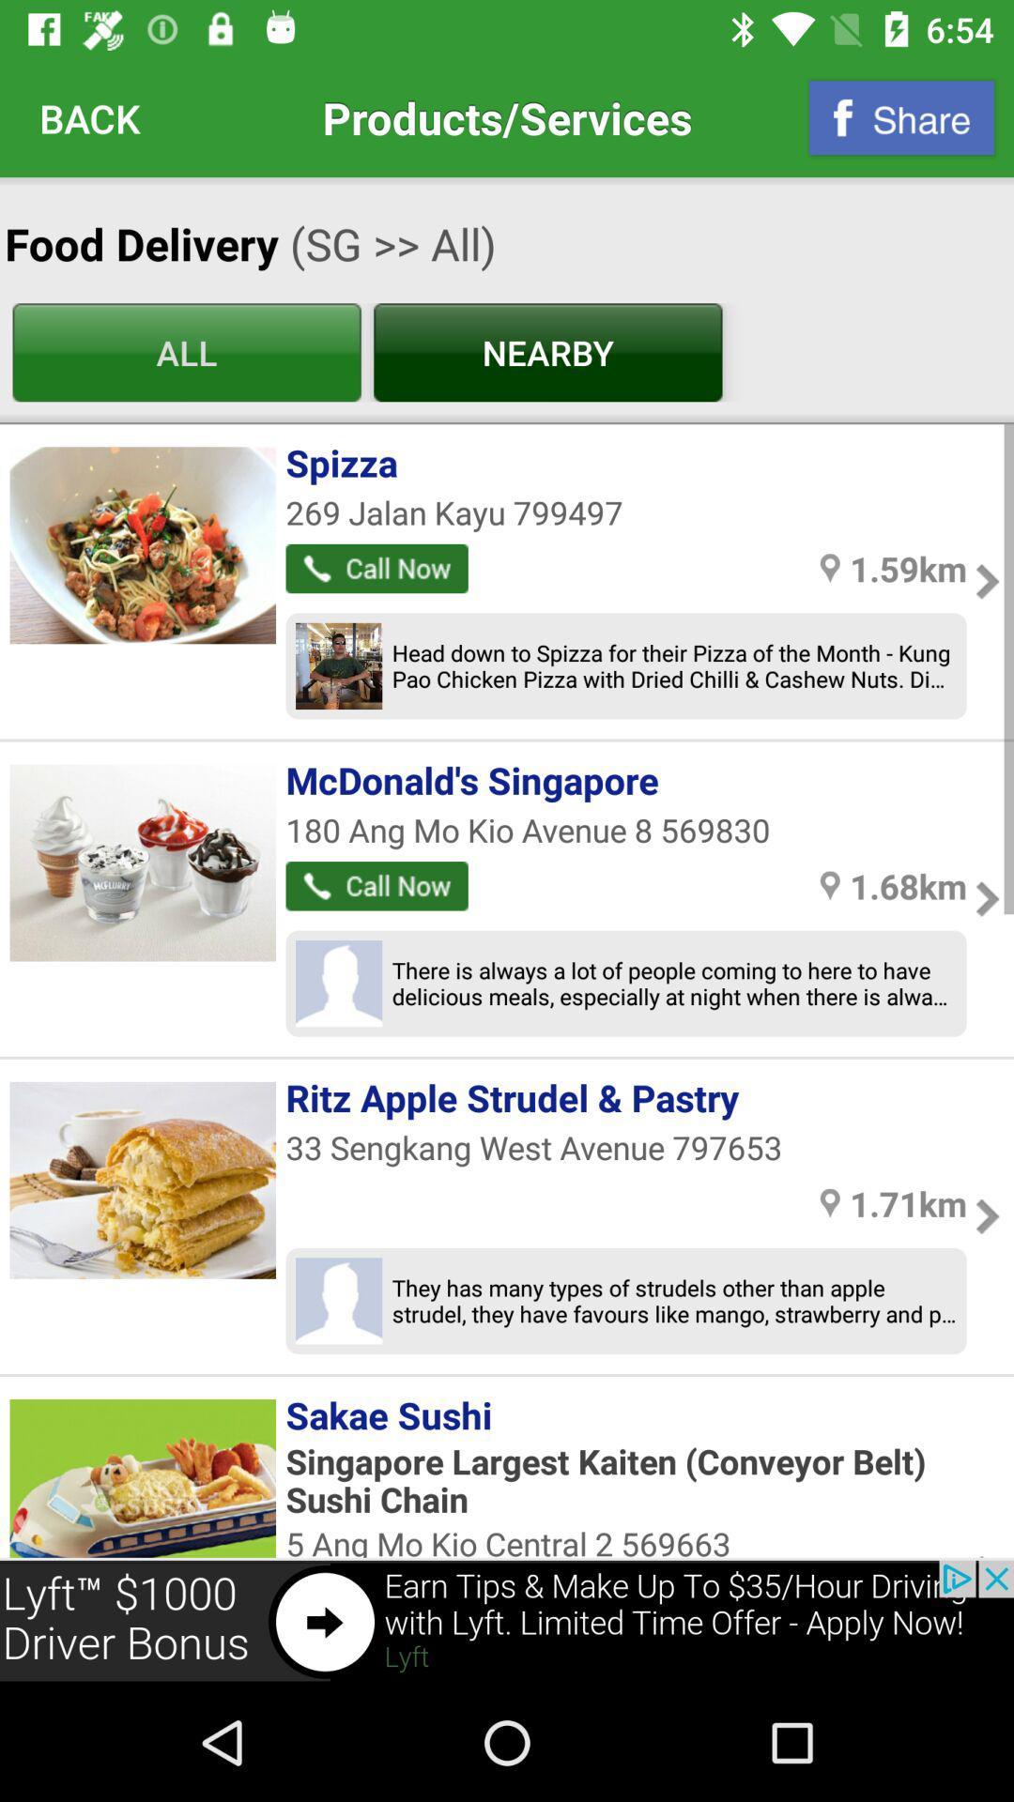 This screenshot has width=1014, height=1802. I want to click on back option, so click(90, 116).